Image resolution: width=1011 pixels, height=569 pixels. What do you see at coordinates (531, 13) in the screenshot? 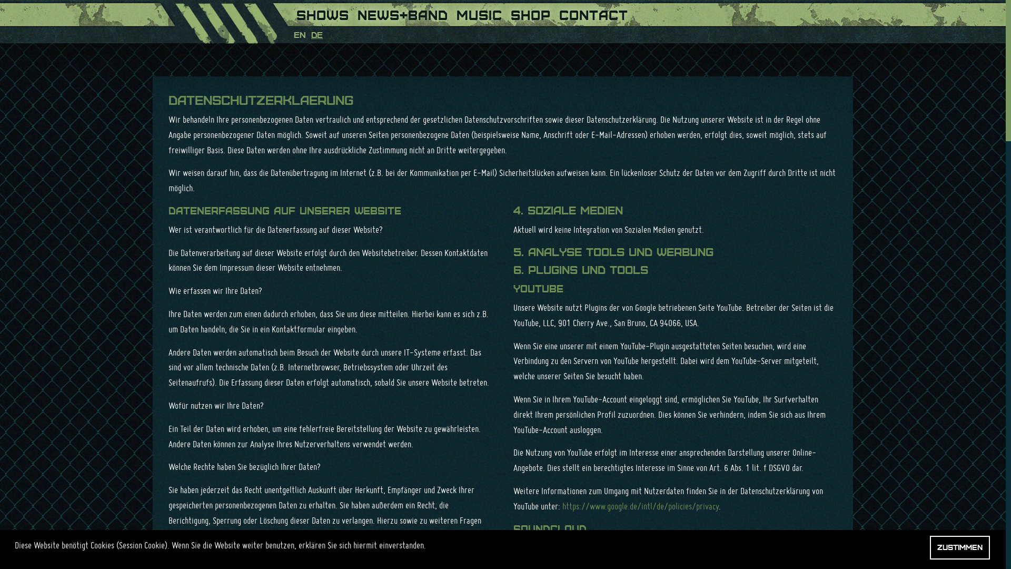
I see `'SHOP'` at bounding box center [531, 13].